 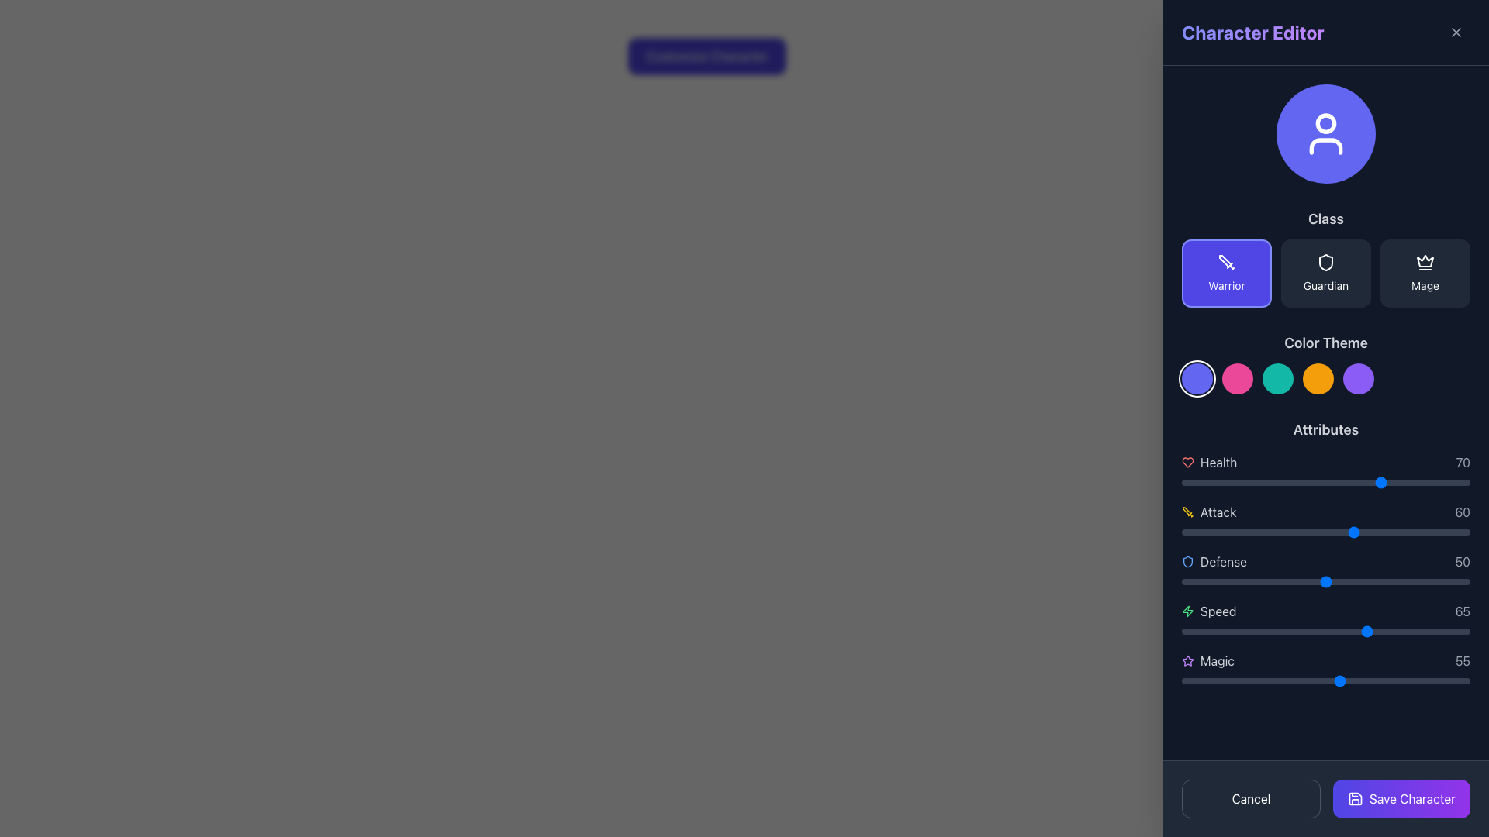 What do you see at coordinates (1187, 611) in the screenshot?
I see `the lightning bolt icon with a green outline, which represents the 'Speed' attribute in the right-hand side panel under the 'Attributes' section` at bounding box center [1187, 611].